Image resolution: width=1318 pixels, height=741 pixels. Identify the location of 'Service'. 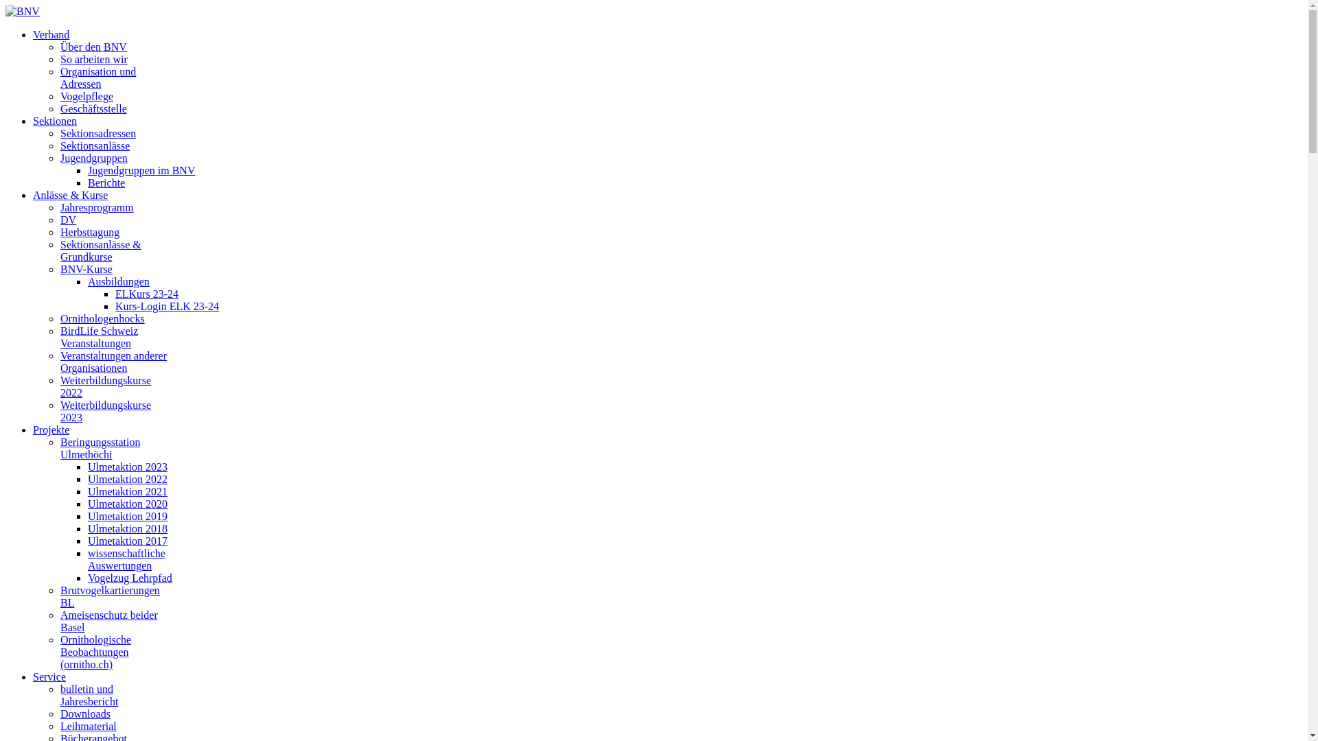
(49, 676).